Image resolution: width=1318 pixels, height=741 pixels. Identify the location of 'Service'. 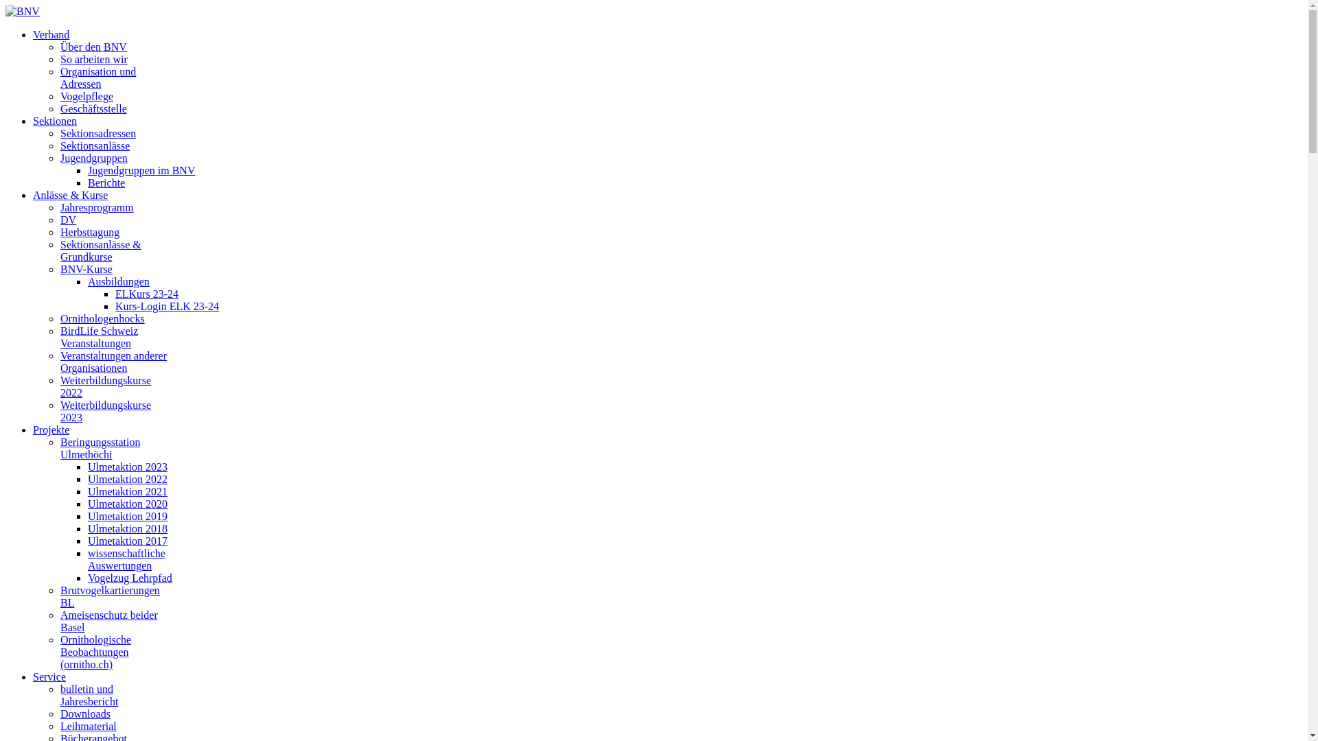
(49, 676).